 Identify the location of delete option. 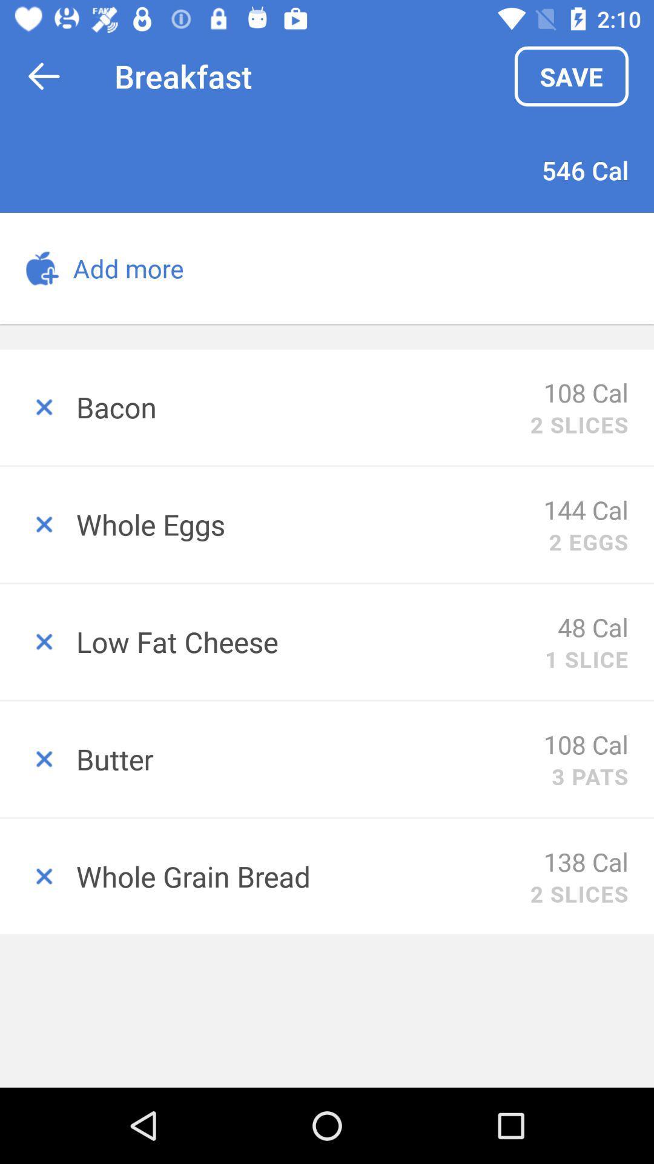
(37, 407).